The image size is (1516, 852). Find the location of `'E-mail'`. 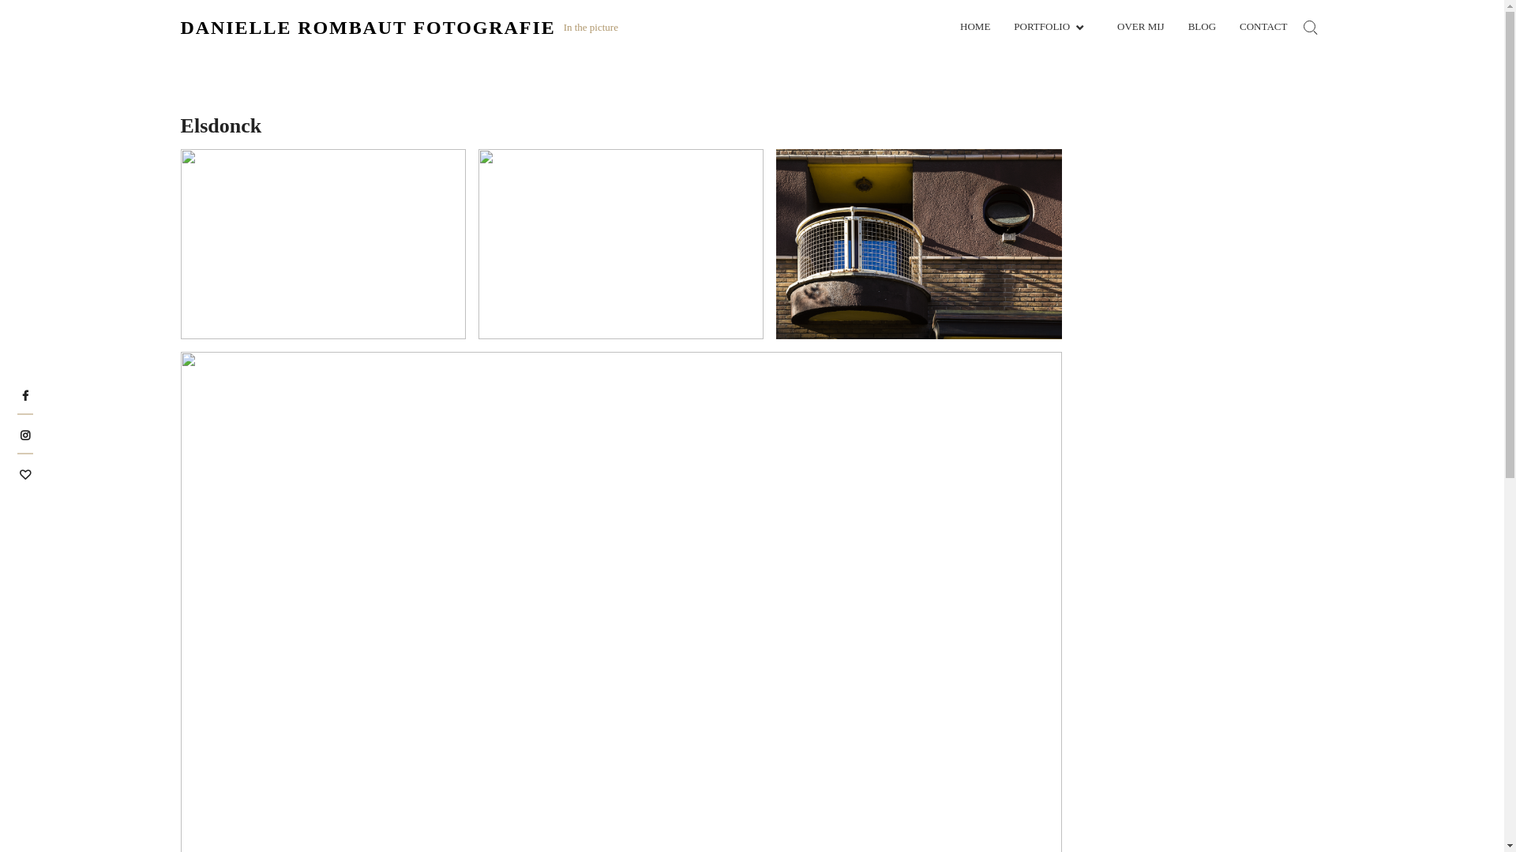

'E-mail' is located at coordinates (24, 473).